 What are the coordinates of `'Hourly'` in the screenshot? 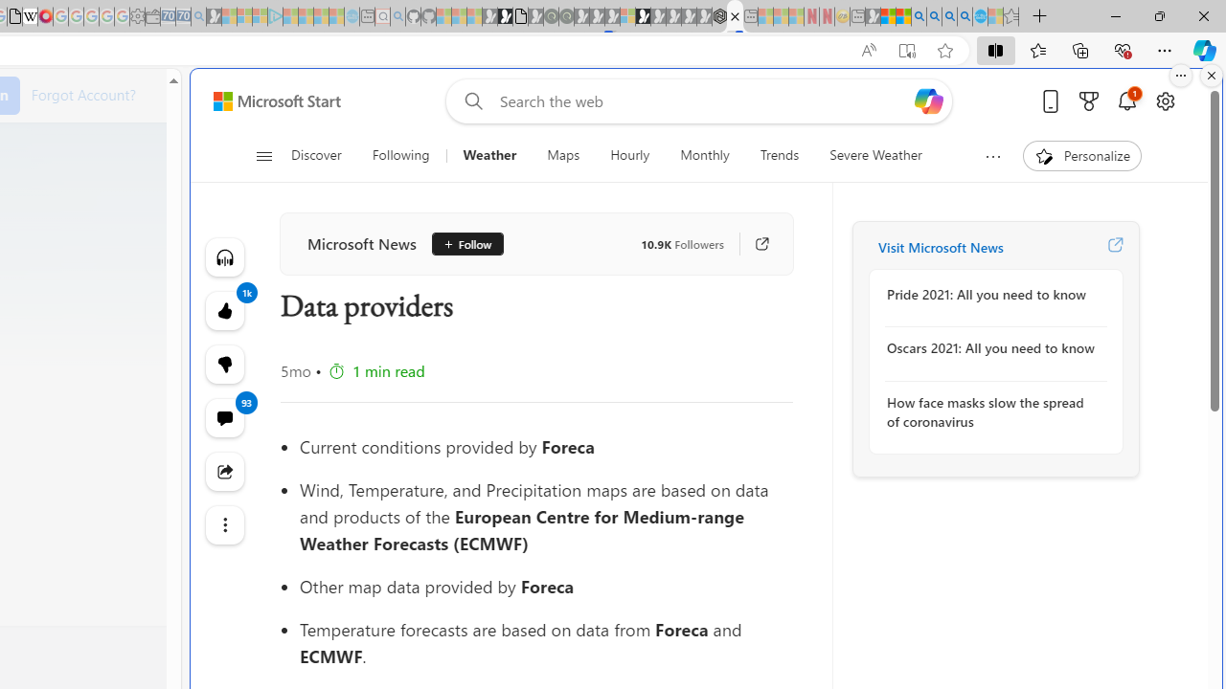 It's located at (629, 155).